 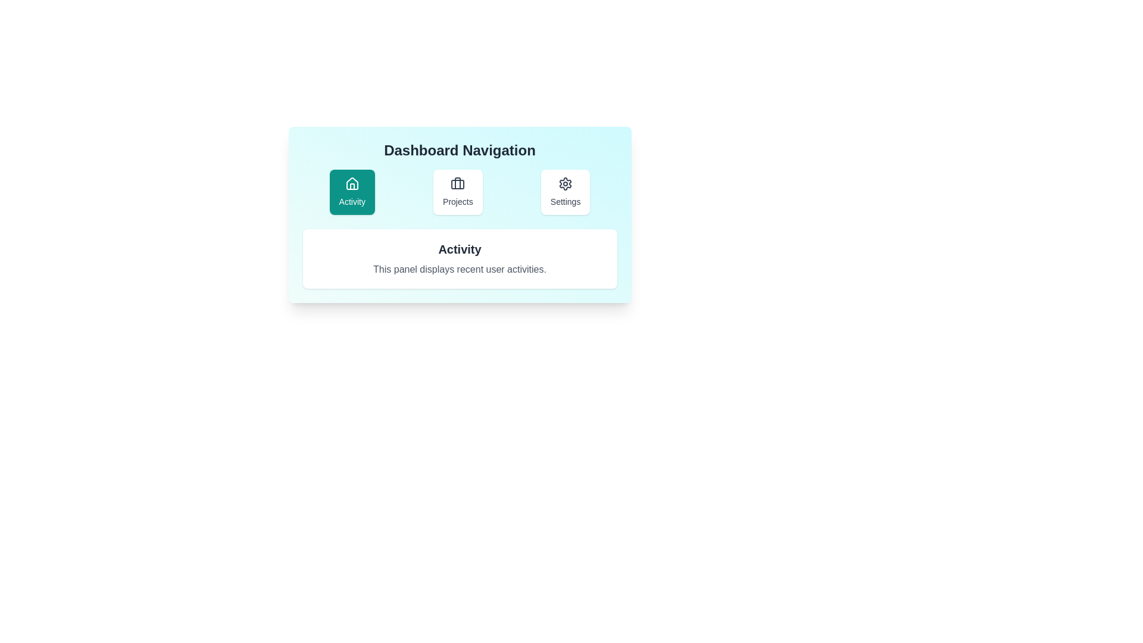 What do you see at coordinates (565, 183) in the screenshot?
I see `the cogwheel-shaped icon representing settings, located at the top-right corner of the options on the navigation card` at bounding box center [565, 183].